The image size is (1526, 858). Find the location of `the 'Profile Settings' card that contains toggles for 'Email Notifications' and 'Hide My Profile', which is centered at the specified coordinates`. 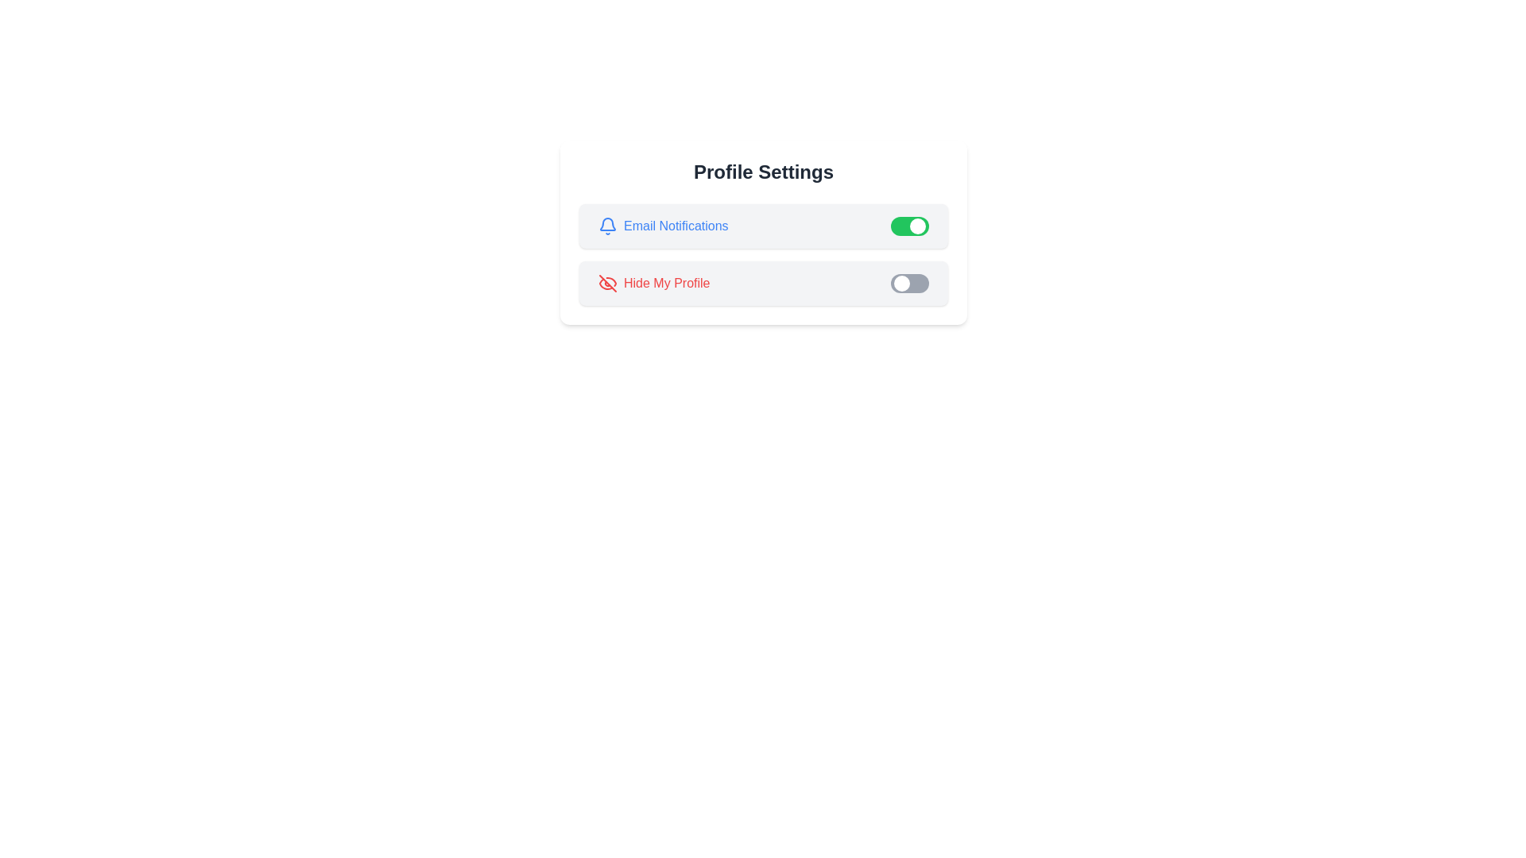

the 'Profile Settings' card that contains toggles for 'Email Notifications' and 'Hide My Profile', which is centered at the specified coordinates is located at coordinates (763, 233).